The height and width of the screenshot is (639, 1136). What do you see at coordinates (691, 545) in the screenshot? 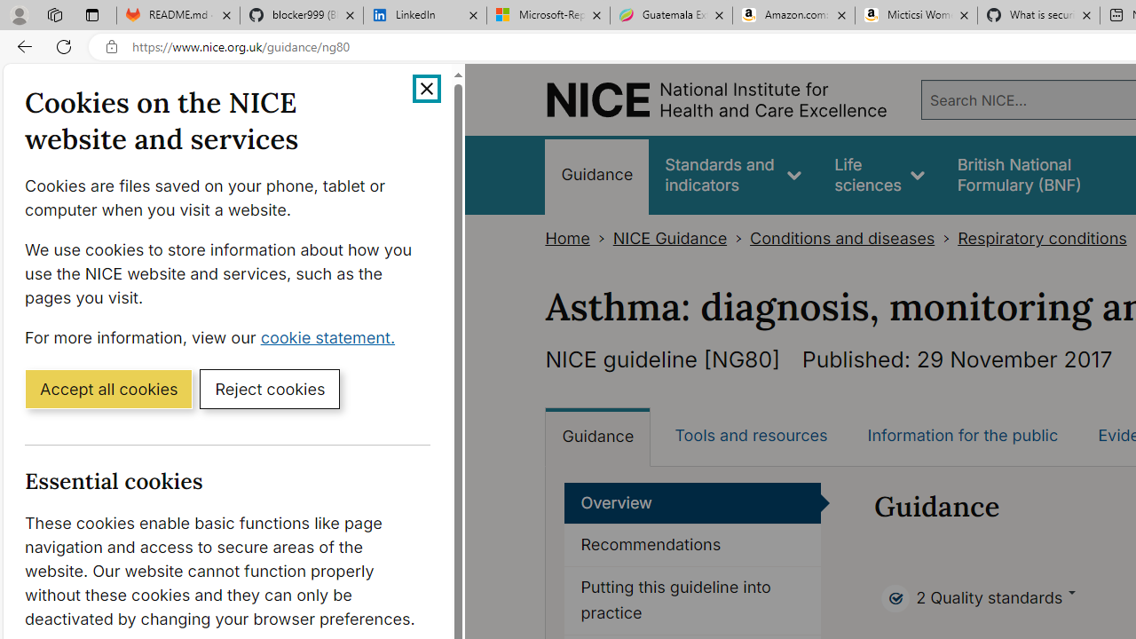
I see `'Recommendations'` at bounding box center [691, 545].